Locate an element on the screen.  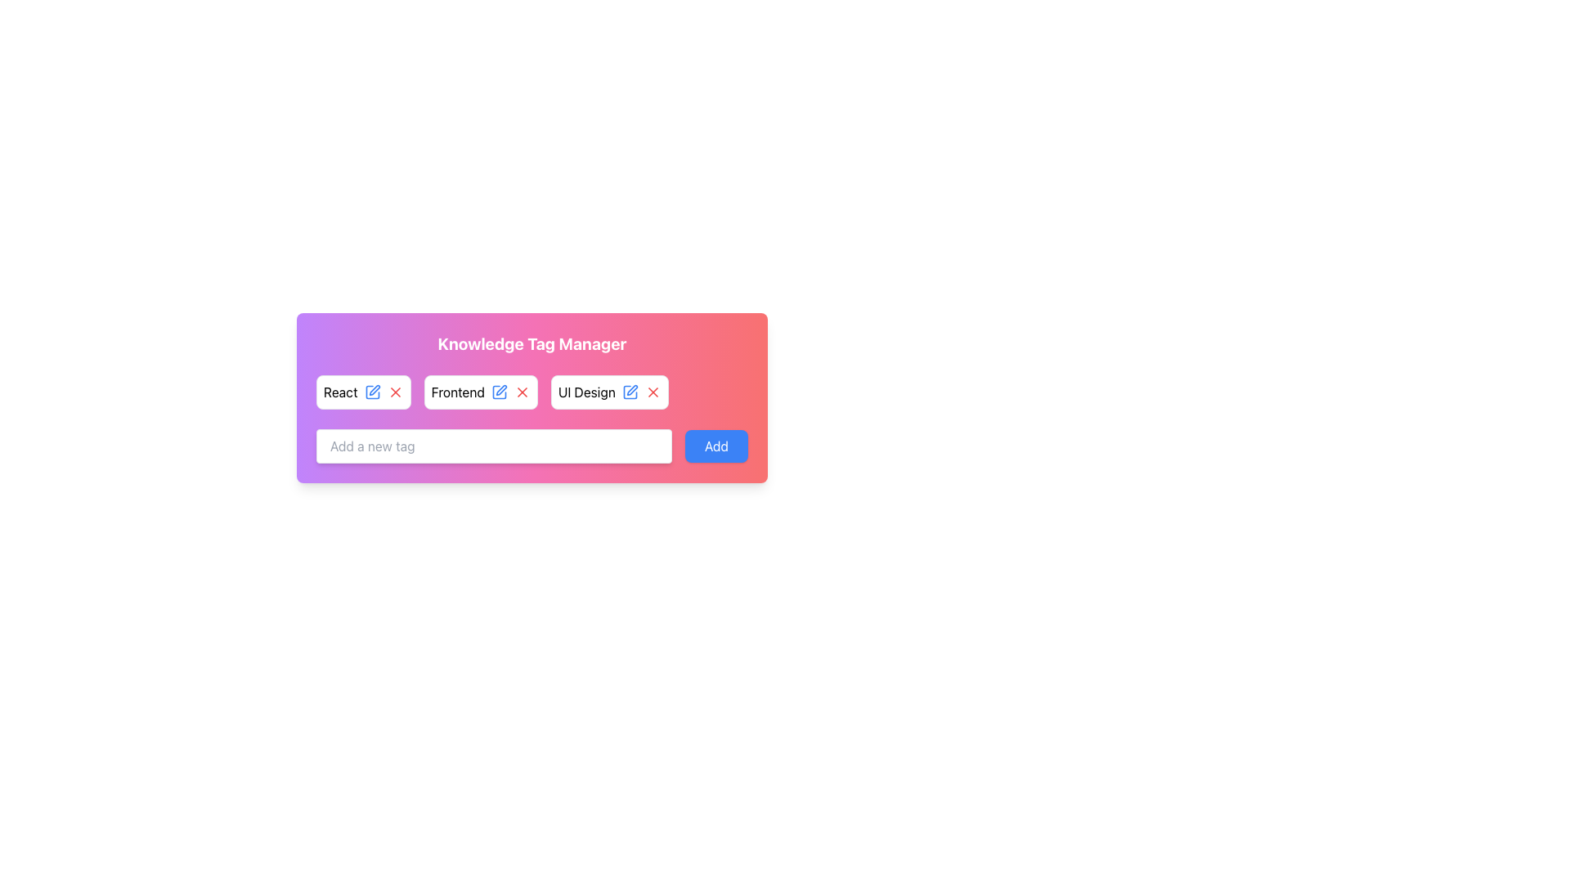
the close button icon located to the right of the 'Frontend' tag is located at coordinates (521, 392).